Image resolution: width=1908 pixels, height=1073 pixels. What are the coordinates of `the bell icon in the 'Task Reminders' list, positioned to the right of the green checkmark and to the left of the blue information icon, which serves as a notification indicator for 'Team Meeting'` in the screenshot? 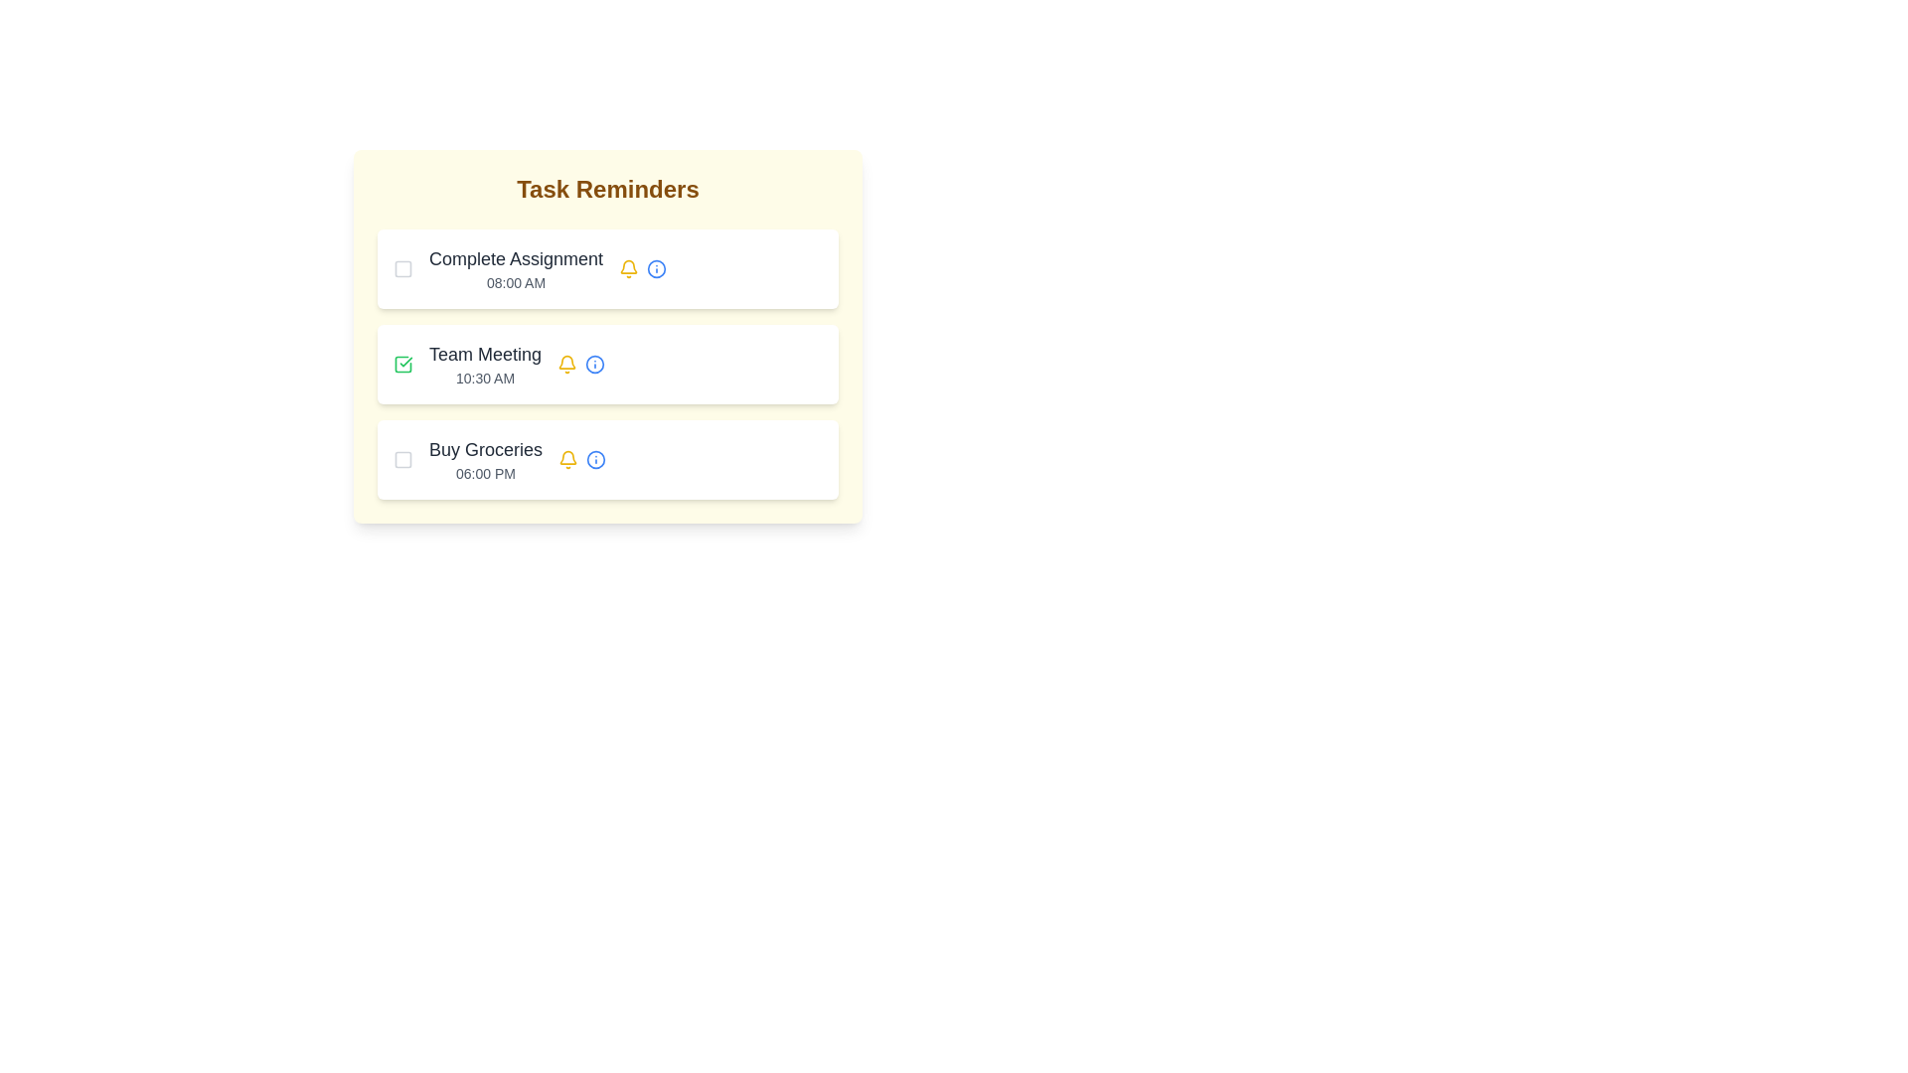 It's located at (628, 268).